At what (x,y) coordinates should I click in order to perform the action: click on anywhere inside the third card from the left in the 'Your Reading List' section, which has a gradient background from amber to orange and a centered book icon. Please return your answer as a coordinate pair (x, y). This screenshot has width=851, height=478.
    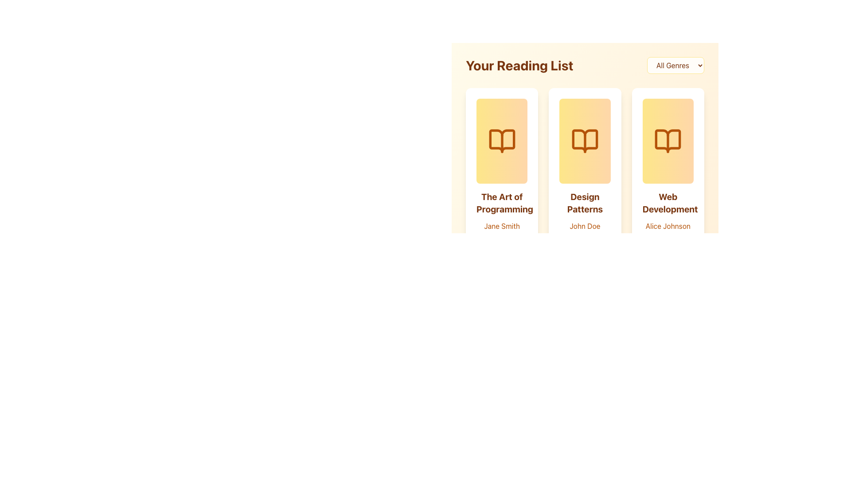
    Looking at the image, I should click on (668, 141).